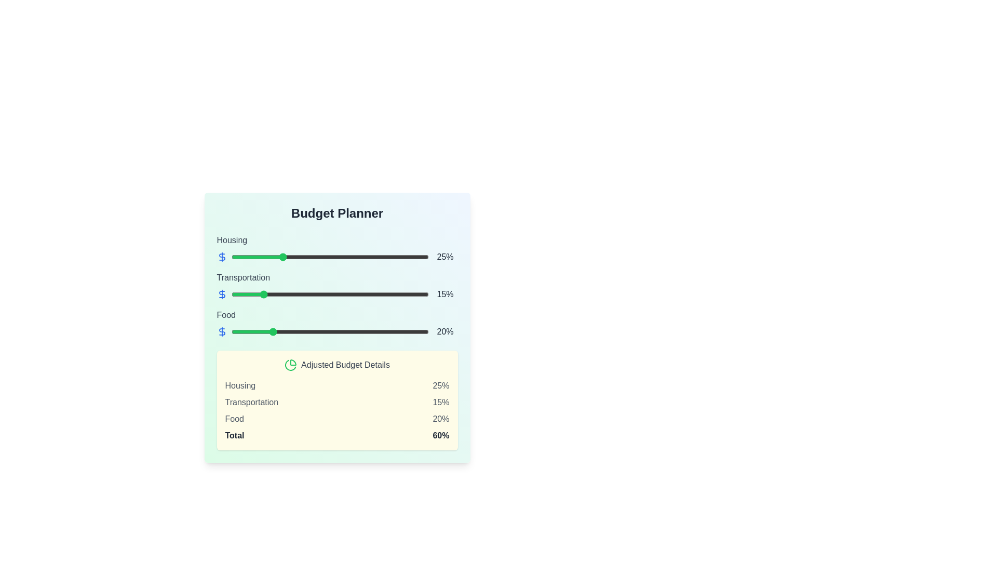 Image resolution: width=997 pixels, height=561 pixels. What do you see at coordinates (445, 332) in the screenshot?
I see `the non-interactive 'Food' percentage label displaying '20%' at the end of the horizontal slider for budget adjustments` at bounding box center [445, 332].